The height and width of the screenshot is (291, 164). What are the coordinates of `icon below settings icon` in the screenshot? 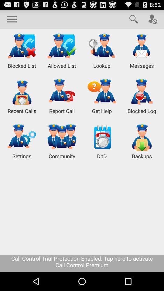 It's located at (82, 263).